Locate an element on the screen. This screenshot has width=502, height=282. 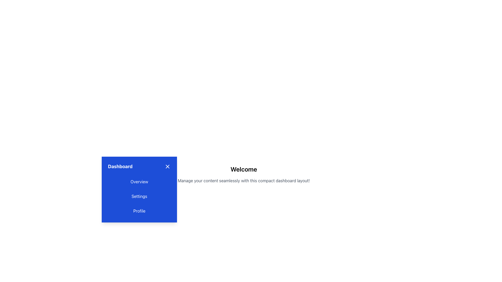
the 'Profile' link, which is styled with white text on a blue background and is located at the bottom of the vertical list is located at coordinates (139, 210).